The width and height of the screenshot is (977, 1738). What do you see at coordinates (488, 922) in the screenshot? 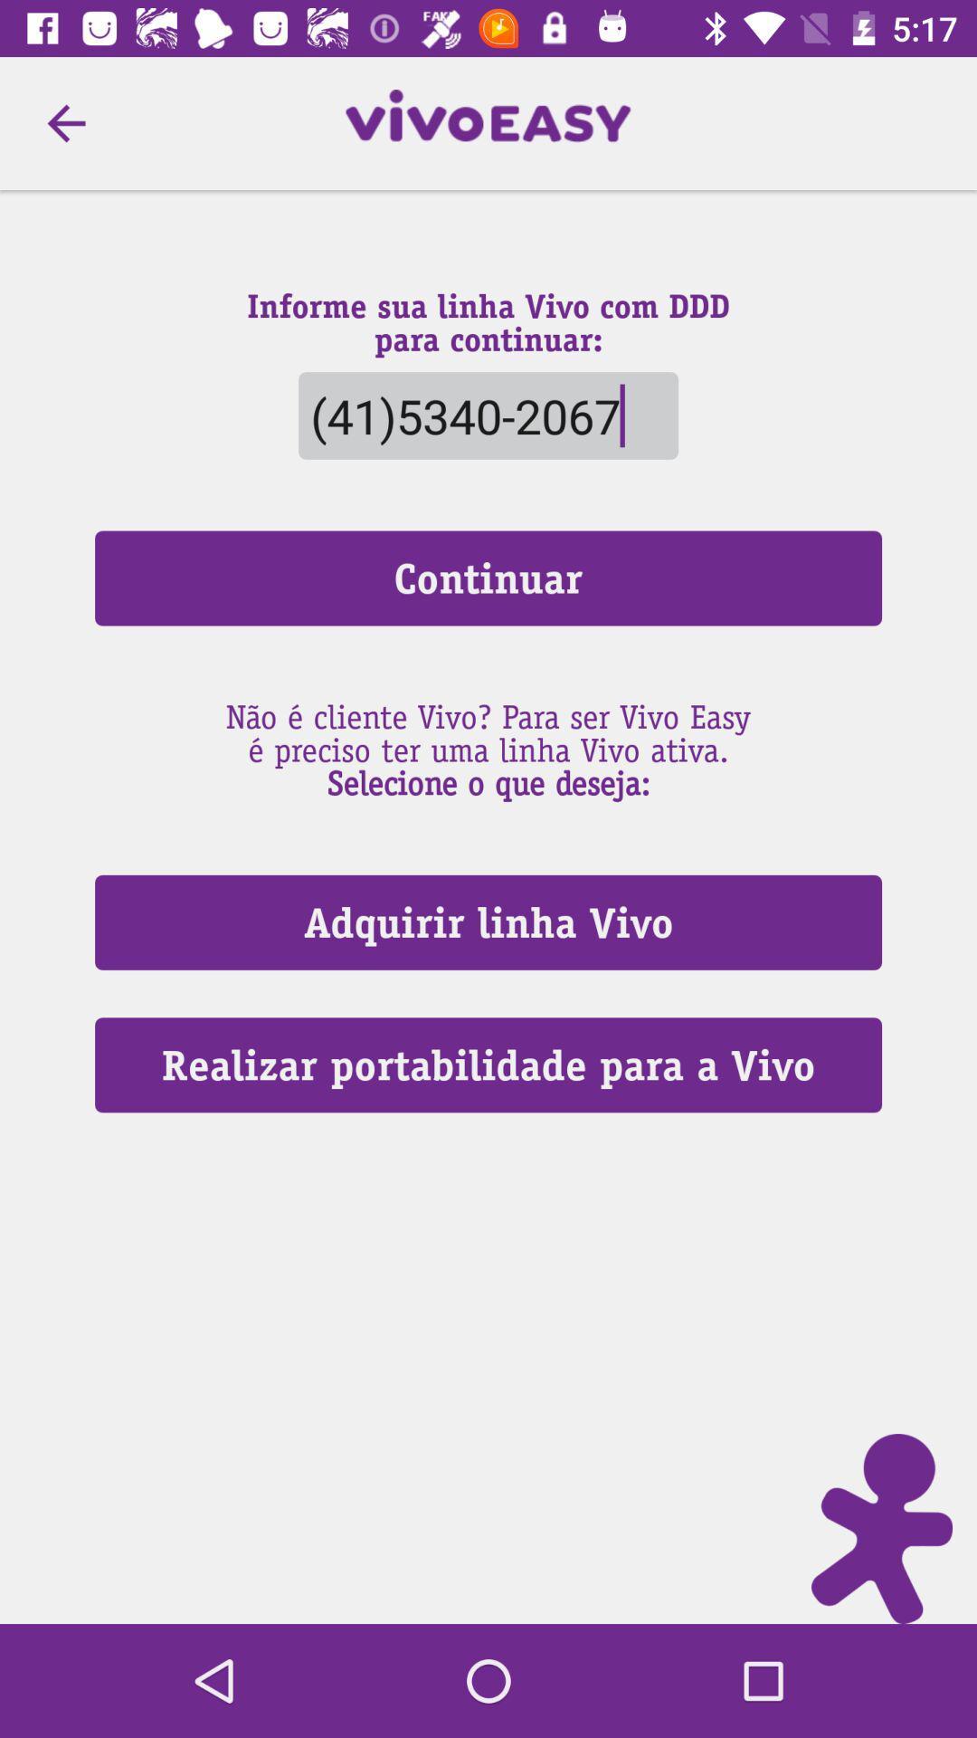
I see `the adquirir linha vivo icon` at bounding box center [488, 922].